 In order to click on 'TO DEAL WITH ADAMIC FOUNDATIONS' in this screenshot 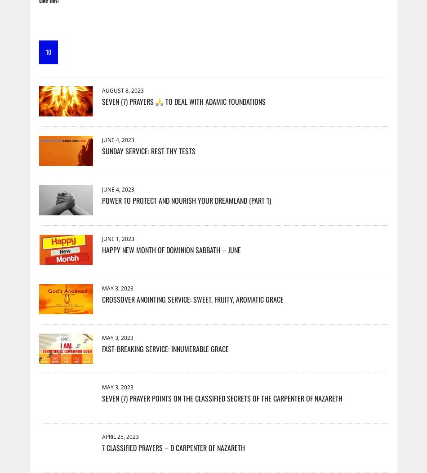, I will do `click(162, 101)`.